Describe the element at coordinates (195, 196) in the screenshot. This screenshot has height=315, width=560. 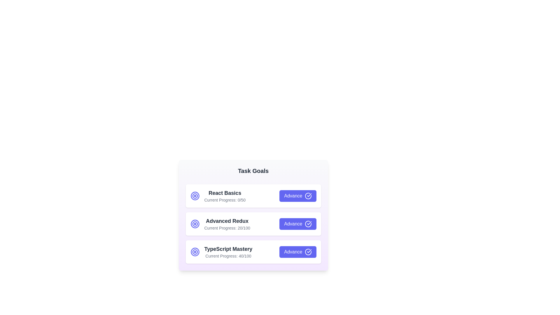
I see `the visual indicator icon representing the 'React Basics' task in the 'Task Goals' section, located at the leftmost position adjacent to the text 'React Basics'` at that location.